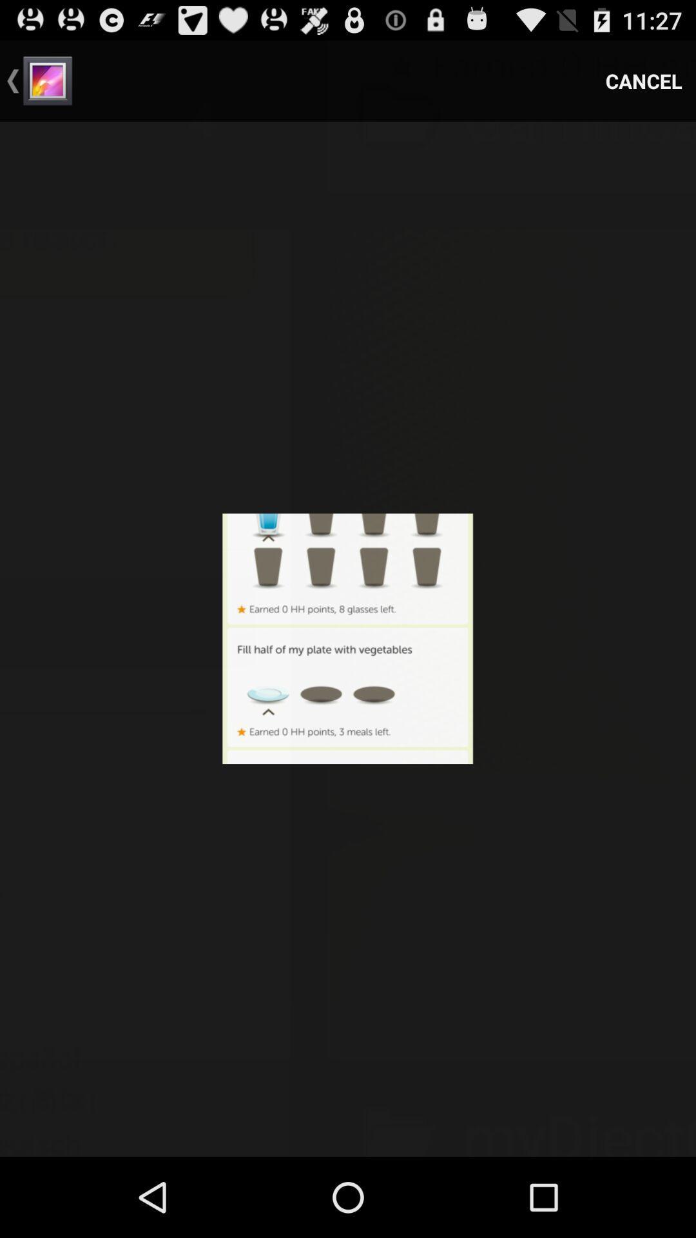 Image resolution: width=696 pixels, height=1238 pixels. What do you see at coordinates (644, 80) in the screenshot?
I see `the cancel` at bounding box center [644, 80].